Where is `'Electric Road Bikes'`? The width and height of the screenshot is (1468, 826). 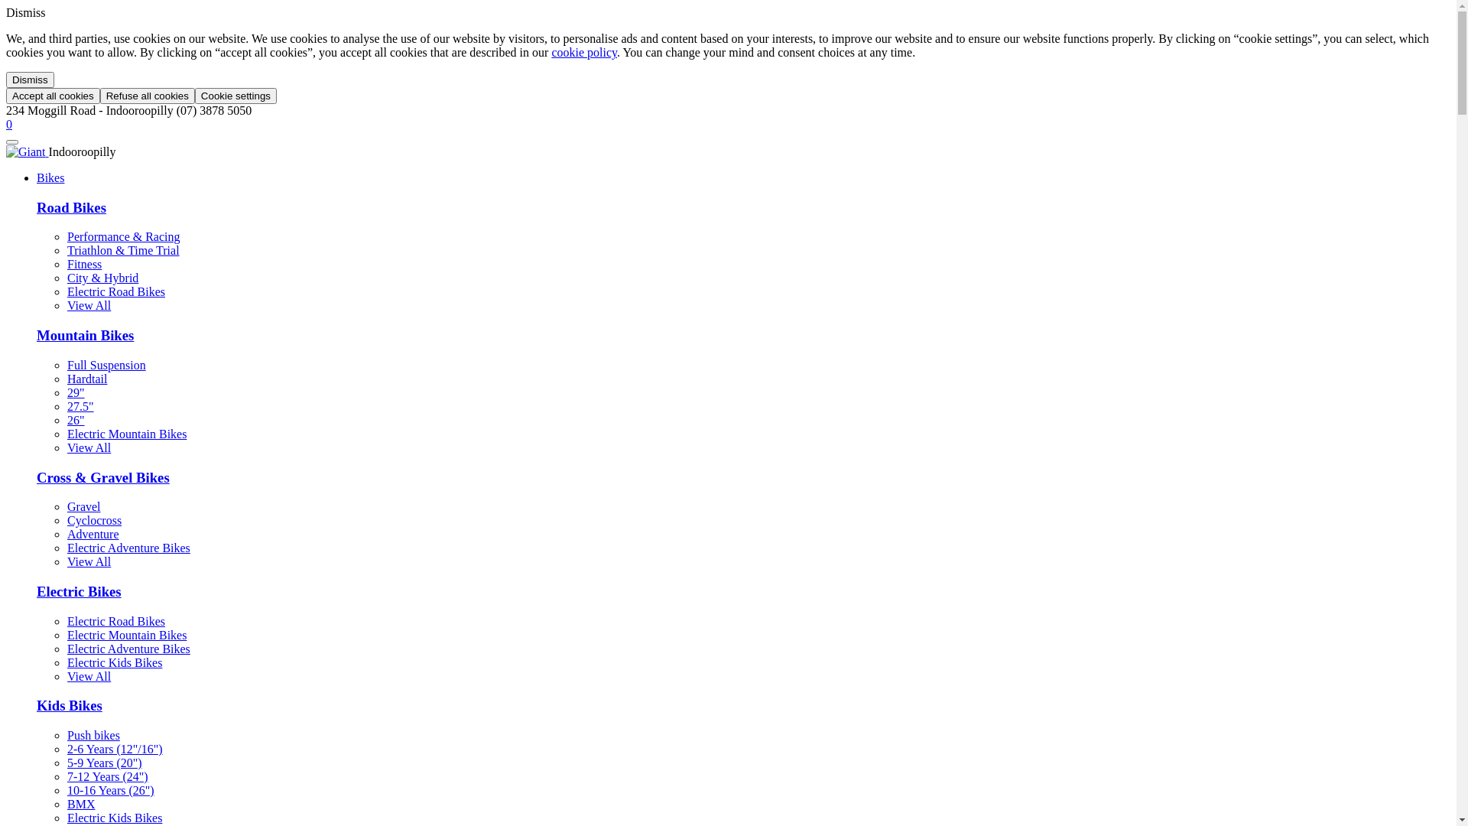
'Electric Road Bikes' is located at coordinates (115, 621).